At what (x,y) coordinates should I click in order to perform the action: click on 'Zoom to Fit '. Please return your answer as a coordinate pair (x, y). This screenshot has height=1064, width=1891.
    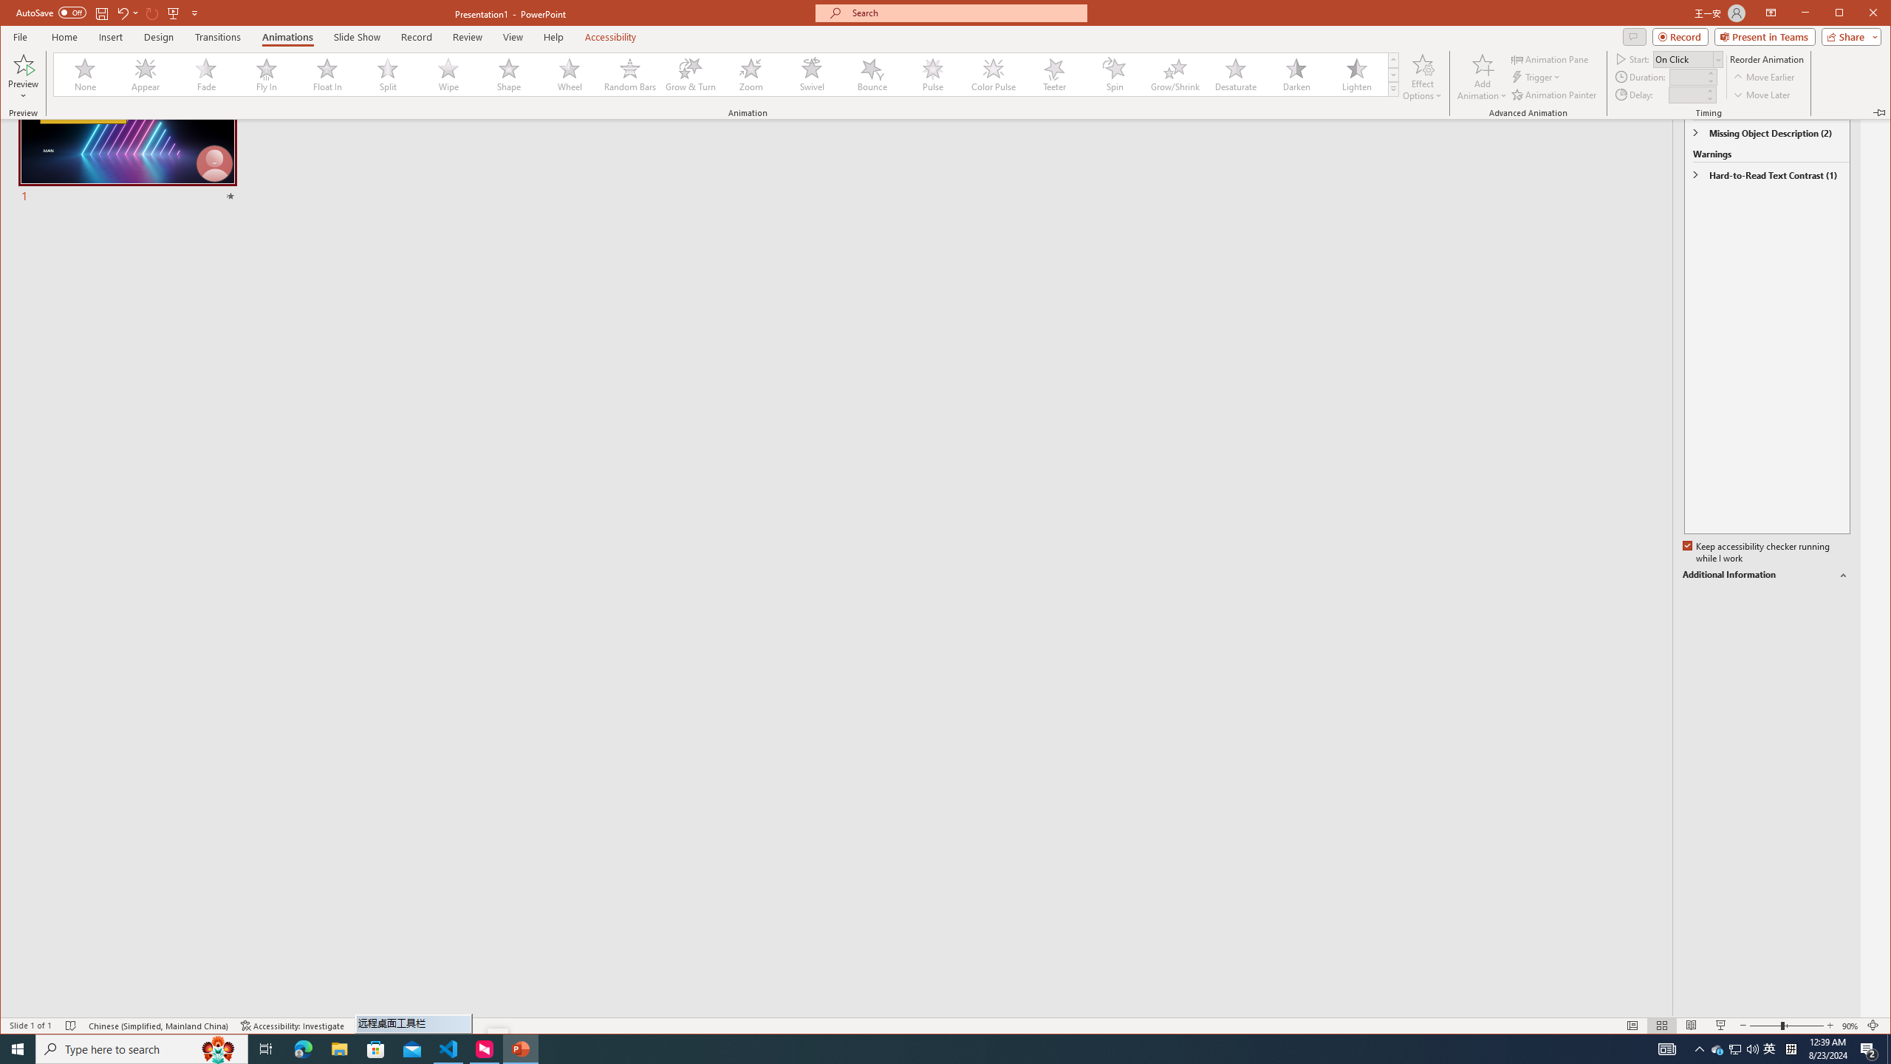
    Looking at the image, I should click on (1873, 1025).